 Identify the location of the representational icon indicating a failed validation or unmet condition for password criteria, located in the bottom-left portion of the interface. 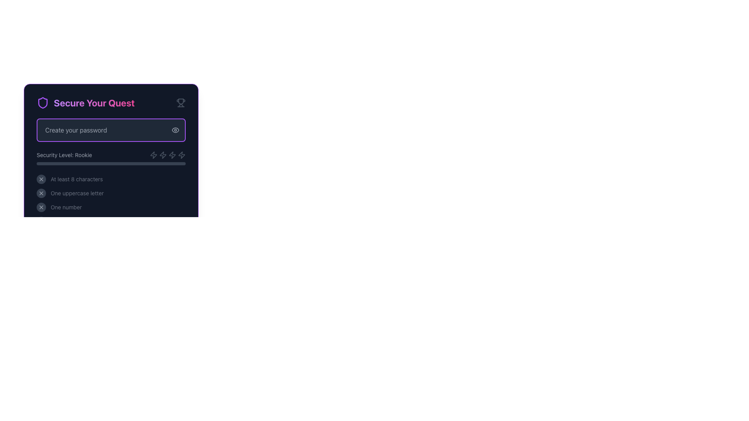
(41, 179).